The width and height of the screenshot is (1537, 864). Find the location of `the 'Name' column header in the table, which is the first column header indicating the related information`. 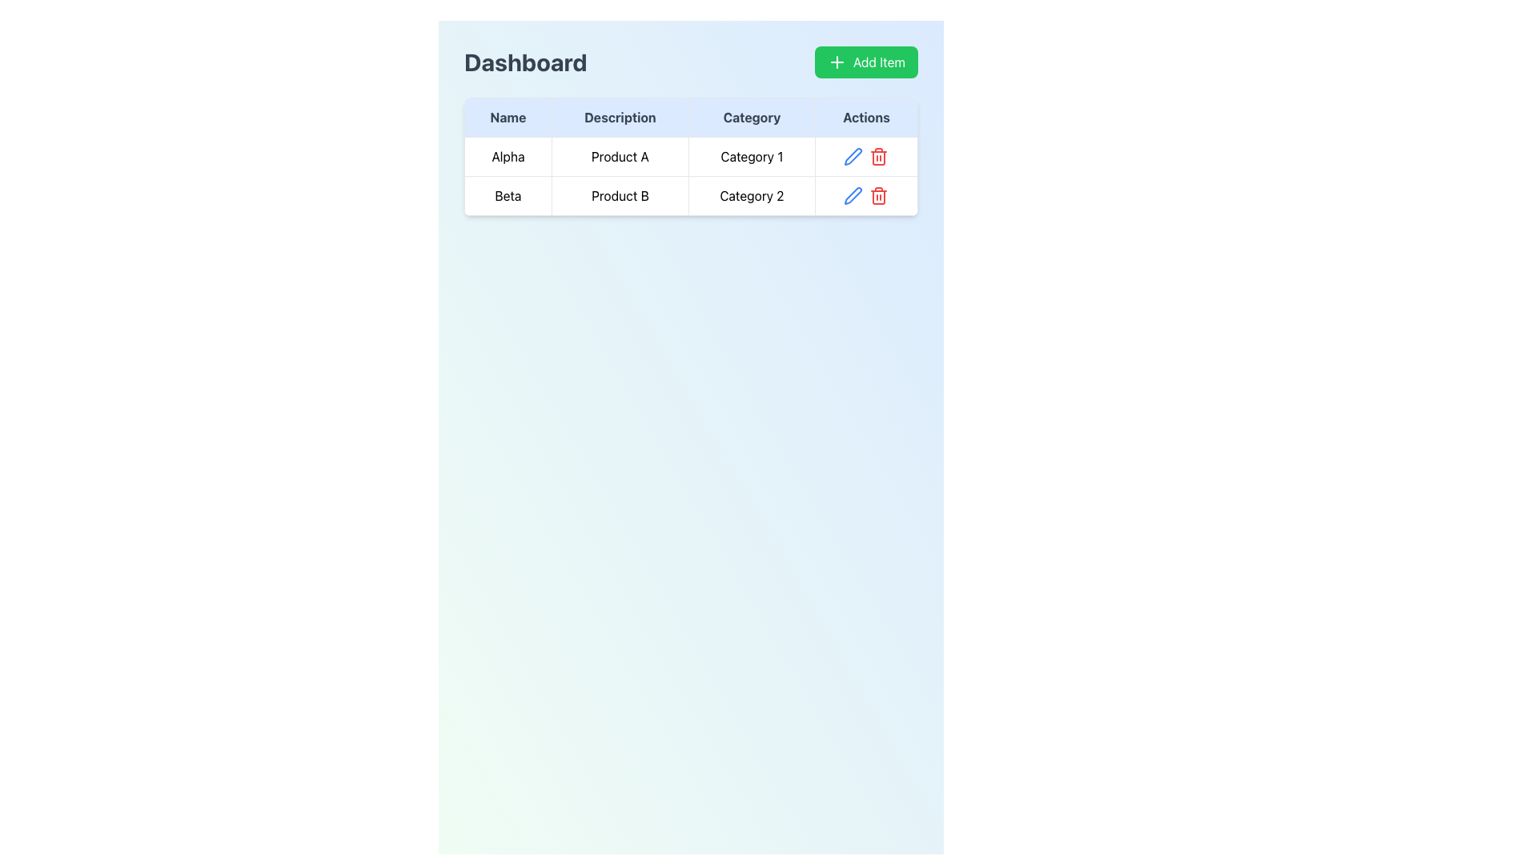

the 'Name' column header in the table, which is the first column header indicating the related information is located at coordinates (507, 116).